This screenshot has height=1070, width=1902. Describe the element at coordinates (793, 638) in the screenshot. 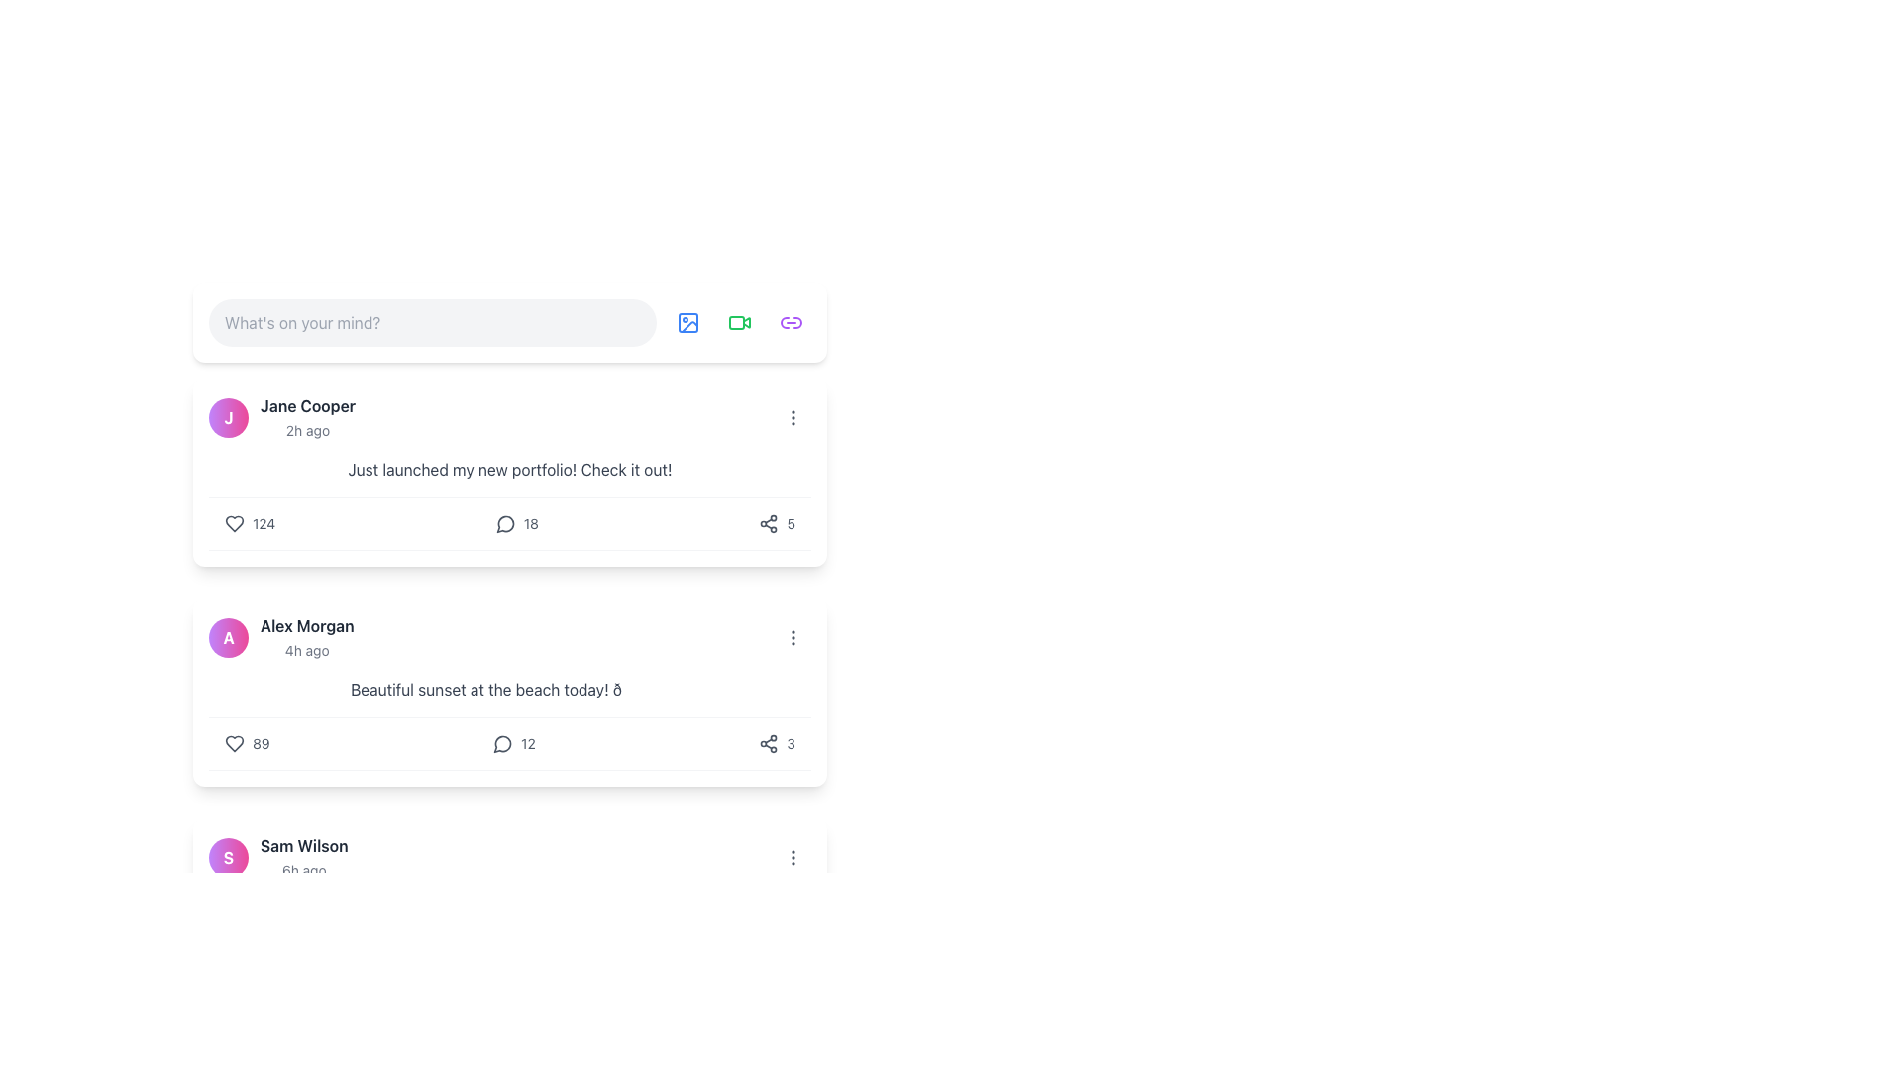

I see `the vertical ellipsis icon button, which is styled with a gray color and located in the middle-right area of the second post in a list of posts` at that location.